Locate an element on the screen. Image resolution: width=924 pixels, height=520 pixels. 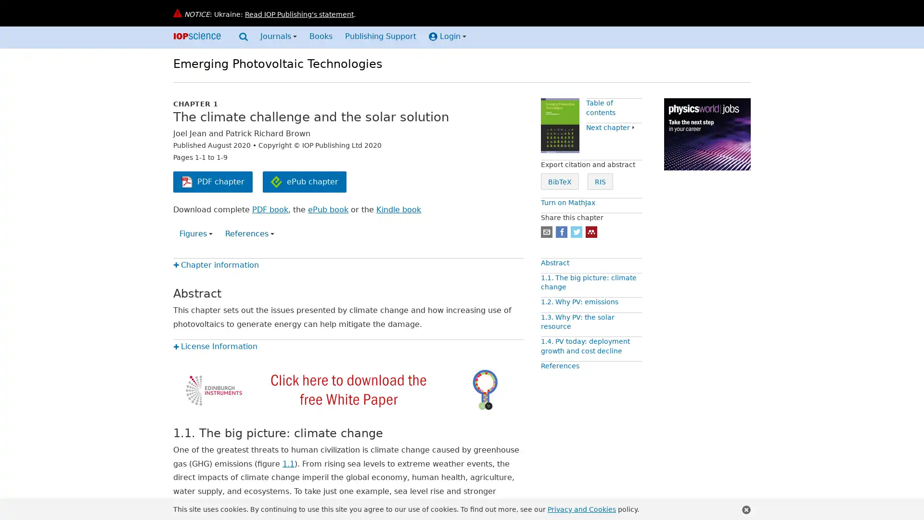
Close this notification is located at coordinates (745, 509).